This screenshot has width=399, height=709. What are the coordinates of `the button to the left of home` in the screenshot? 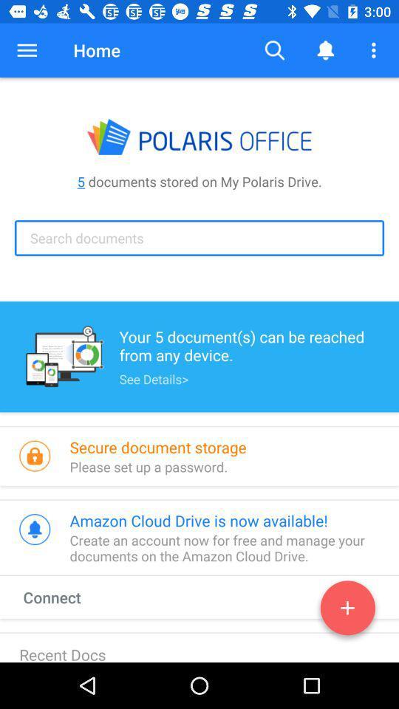 It's located at (27, 50).